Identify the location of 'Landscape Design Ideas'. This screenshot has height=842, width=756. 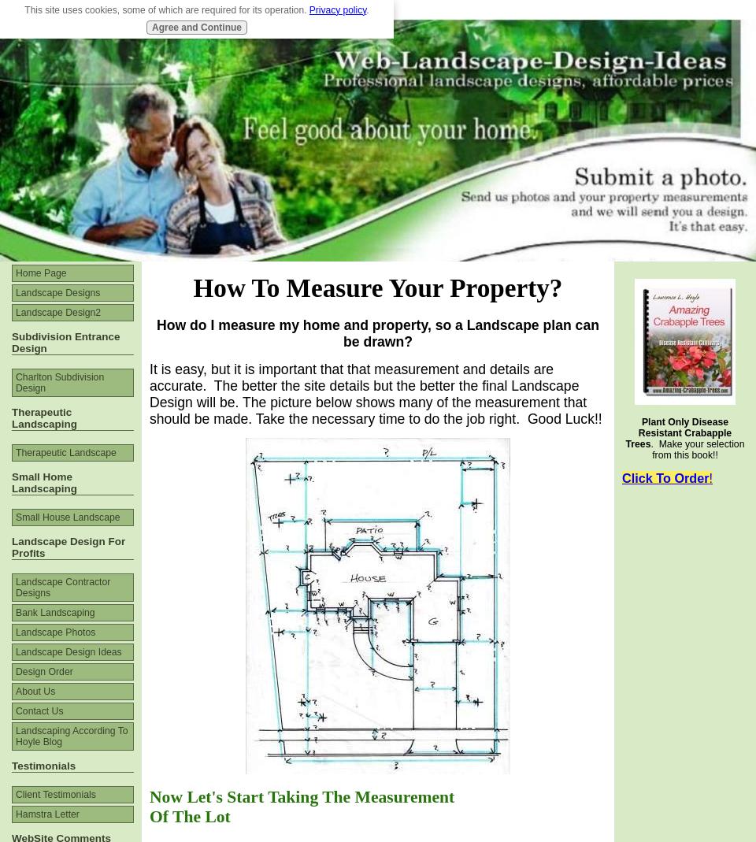
(68, 652).